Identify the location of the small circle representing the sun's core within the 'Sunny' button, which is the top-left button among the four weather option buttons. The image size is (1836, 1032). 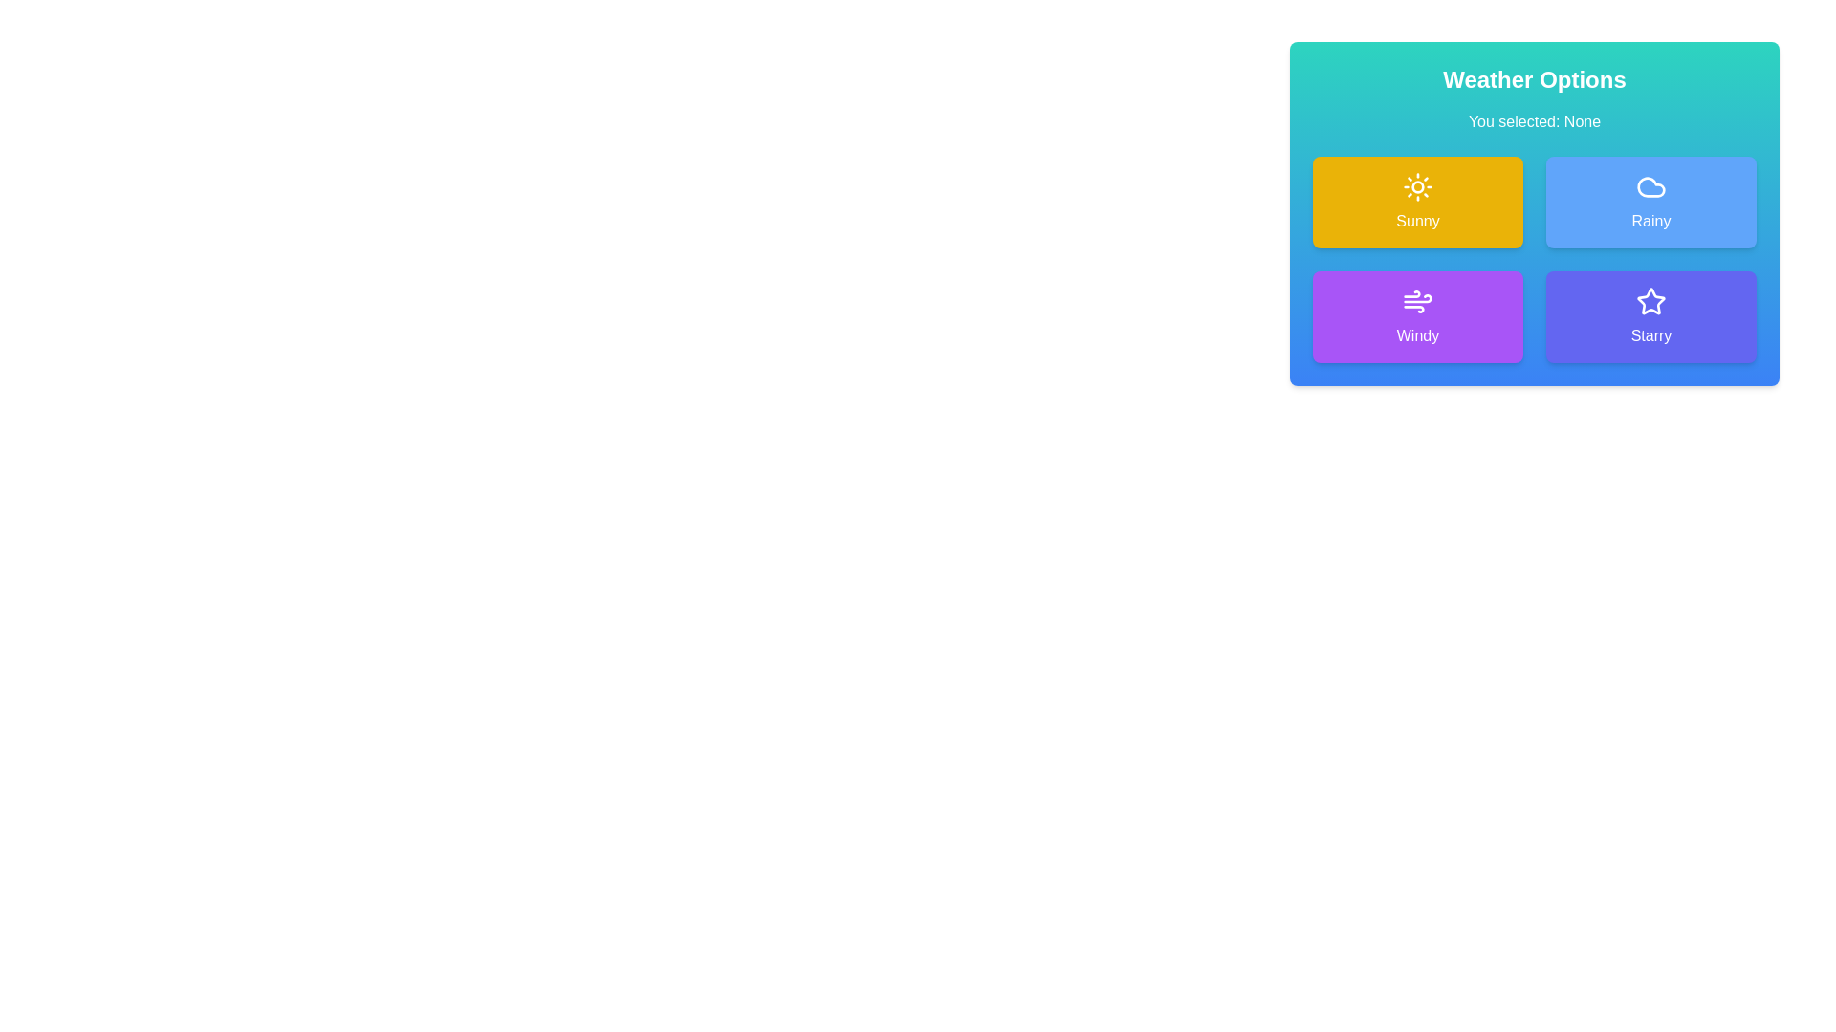
(1418, 187).